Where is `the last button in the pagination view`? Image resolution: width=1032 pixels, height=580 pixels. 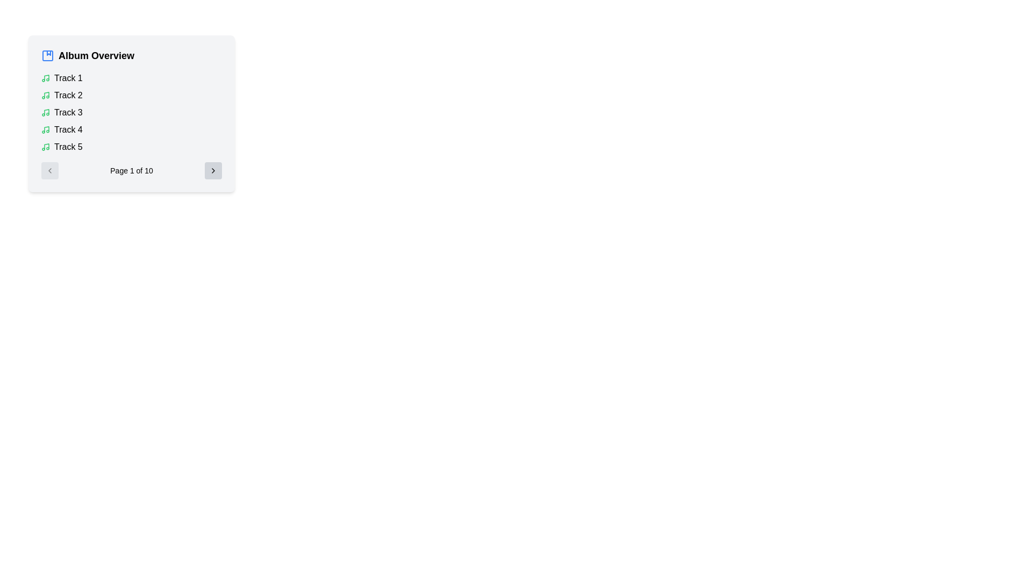 the last button in the pagination view is located at coordinates (213, 170).